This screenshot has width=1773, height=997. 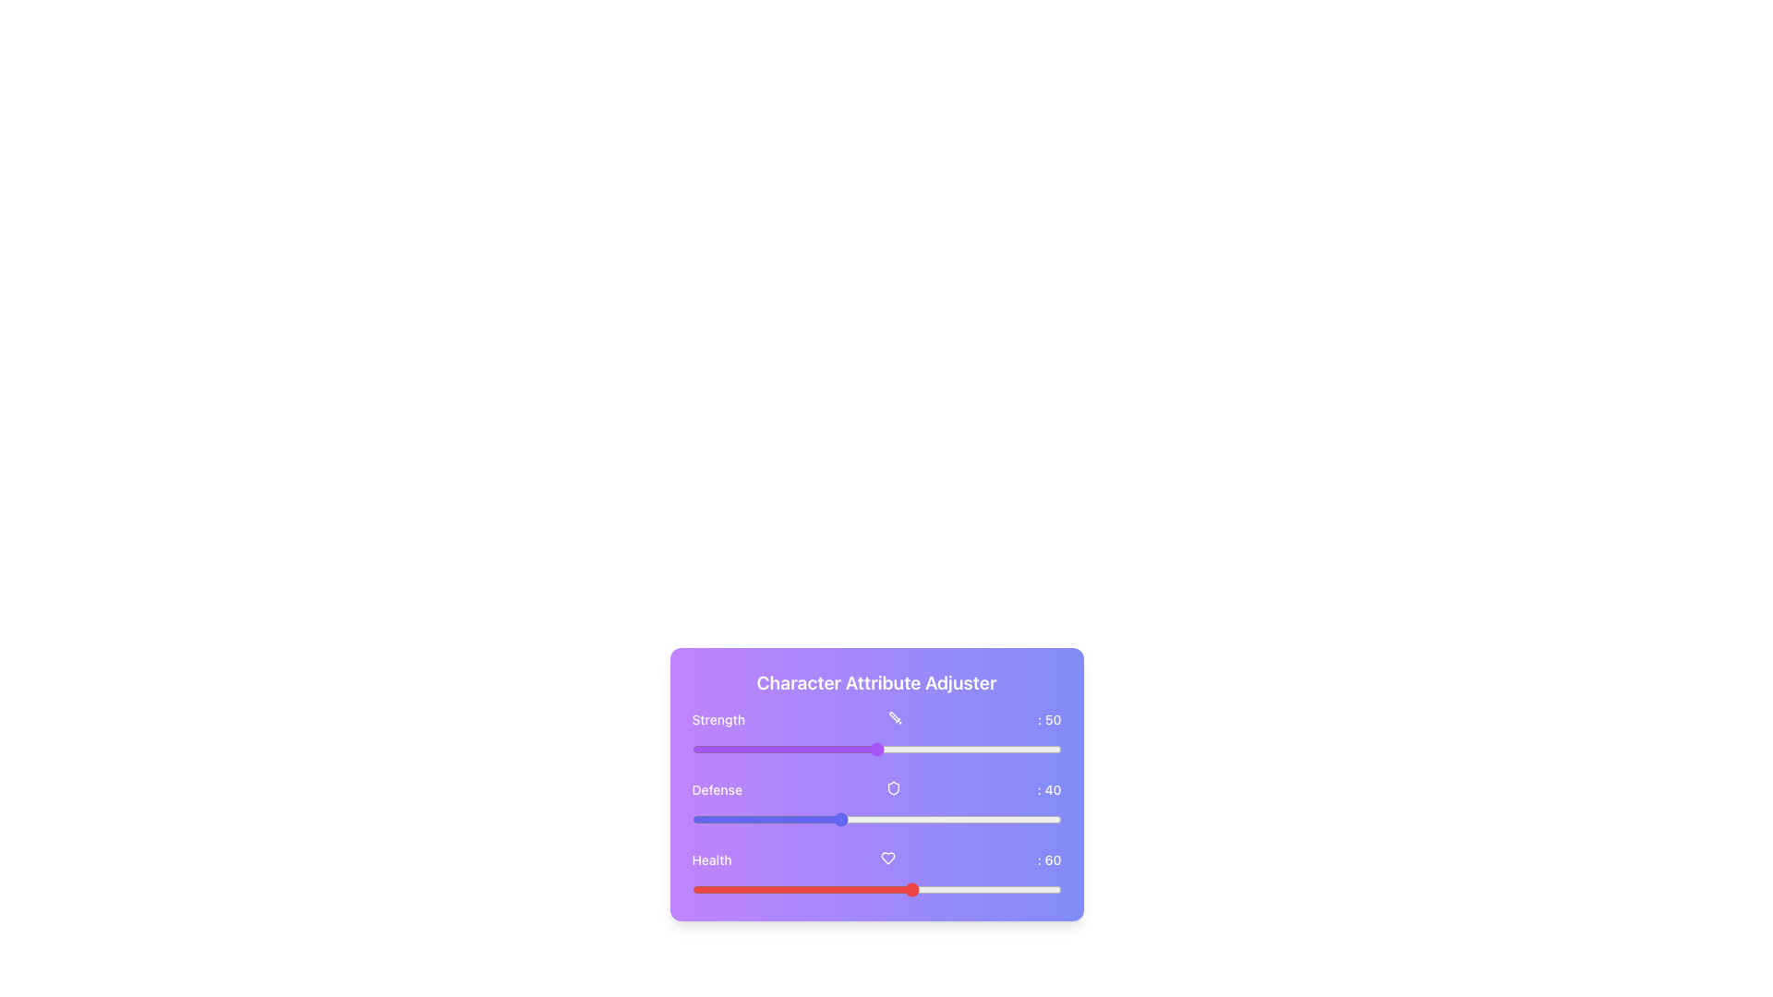 What do you see at coordinates (780, 750) in the screenshot?
I see `the Strength attribute` at bounding box center [780, 750].